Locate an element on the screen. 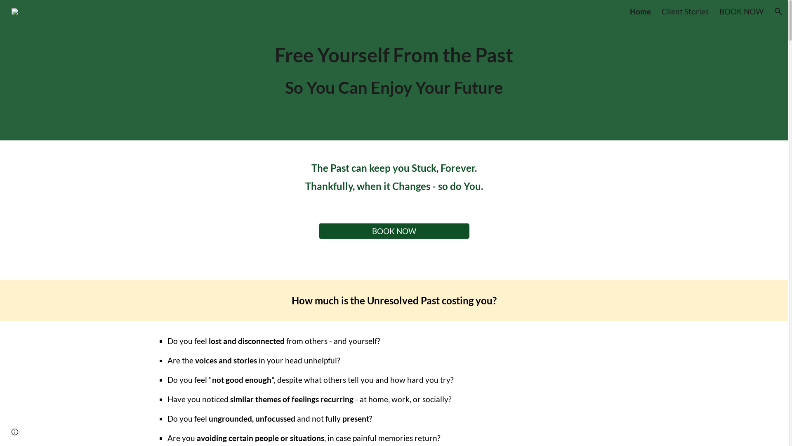 This screenshot has height=446, width=792. 'BOOK NOW' is located at coordinates (394, 231).